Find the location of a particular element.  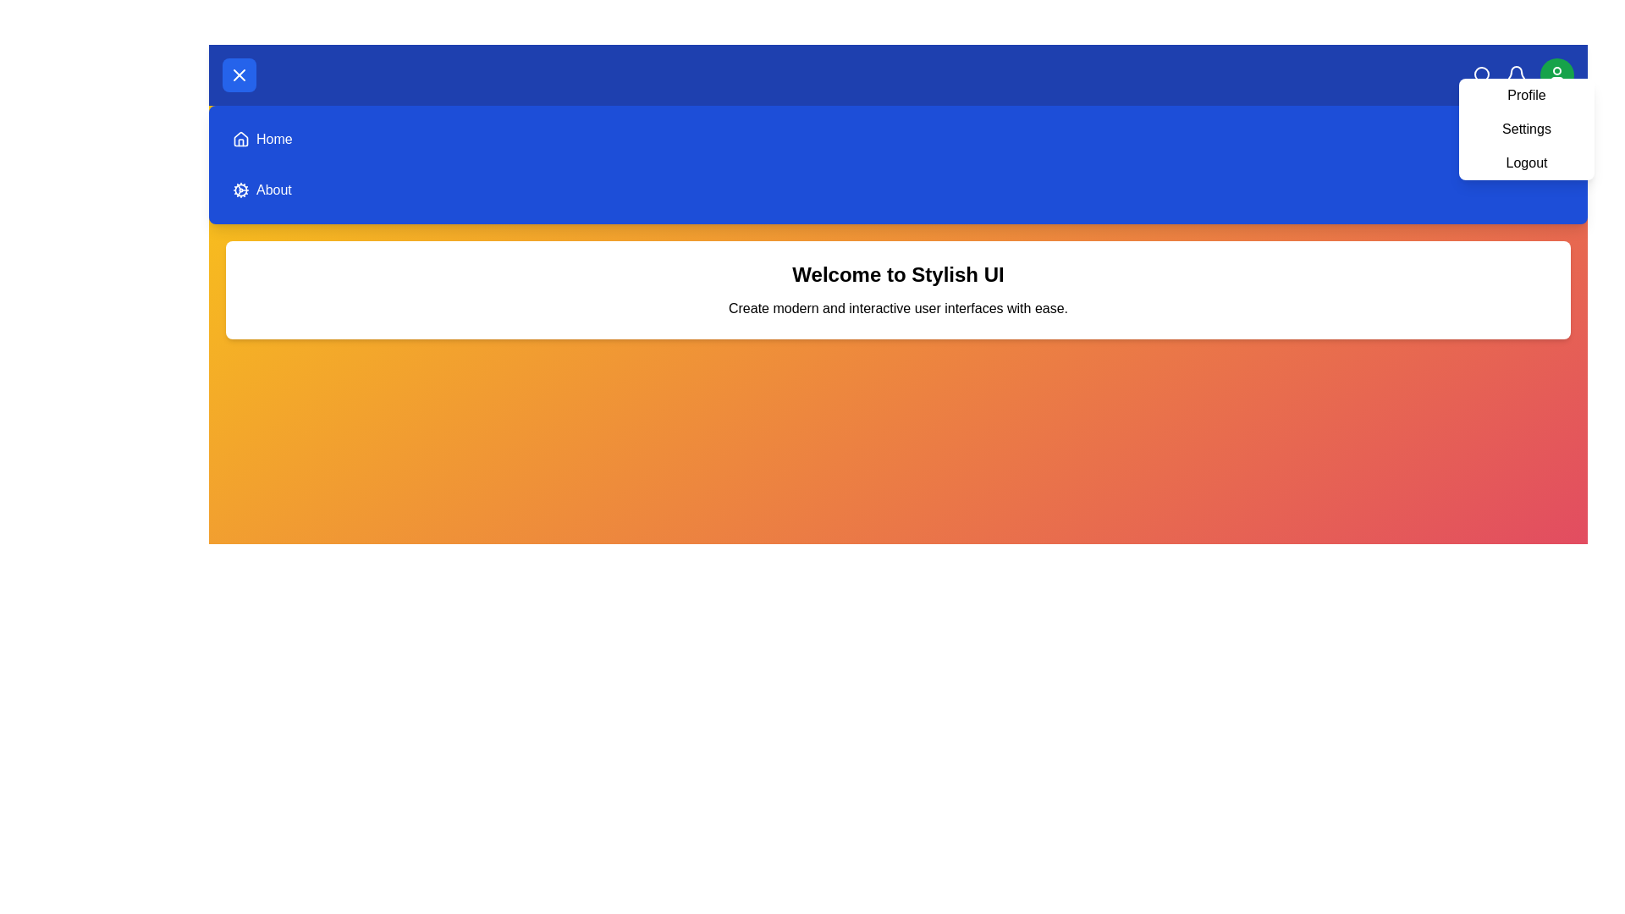

the notification icon to interact with it is located at coordinates (1516, 74).